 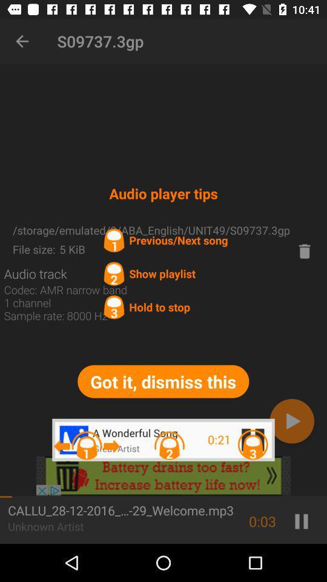 What do you see at coordinates (291, 421) in the screenshot?
I see `go forward next page` at bounding box center [291, 421].